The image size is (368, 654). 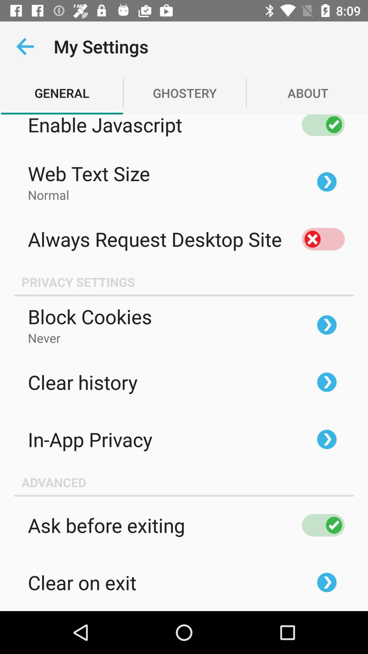 What do you see at coordinates (25, 46) in the screenshot?
I see `the app to the left of the my settings app` at bounding box center [25, 46].